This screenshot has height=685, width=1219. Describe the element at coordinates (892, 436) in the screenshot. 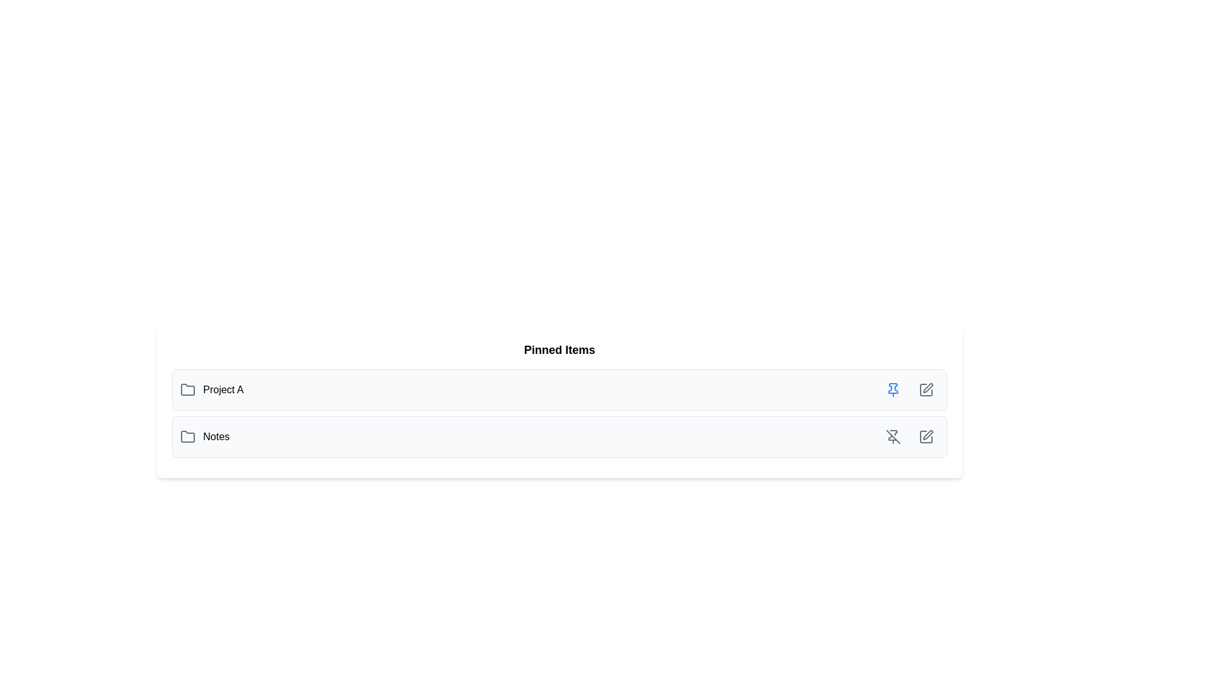

I see `the icon button styled as a diagonal line crossing a pin symbol, which is gray with a clear border, located in the second list item of a vertical layout, positioned as the leftmost icon among two right-aligned icons` at that location.